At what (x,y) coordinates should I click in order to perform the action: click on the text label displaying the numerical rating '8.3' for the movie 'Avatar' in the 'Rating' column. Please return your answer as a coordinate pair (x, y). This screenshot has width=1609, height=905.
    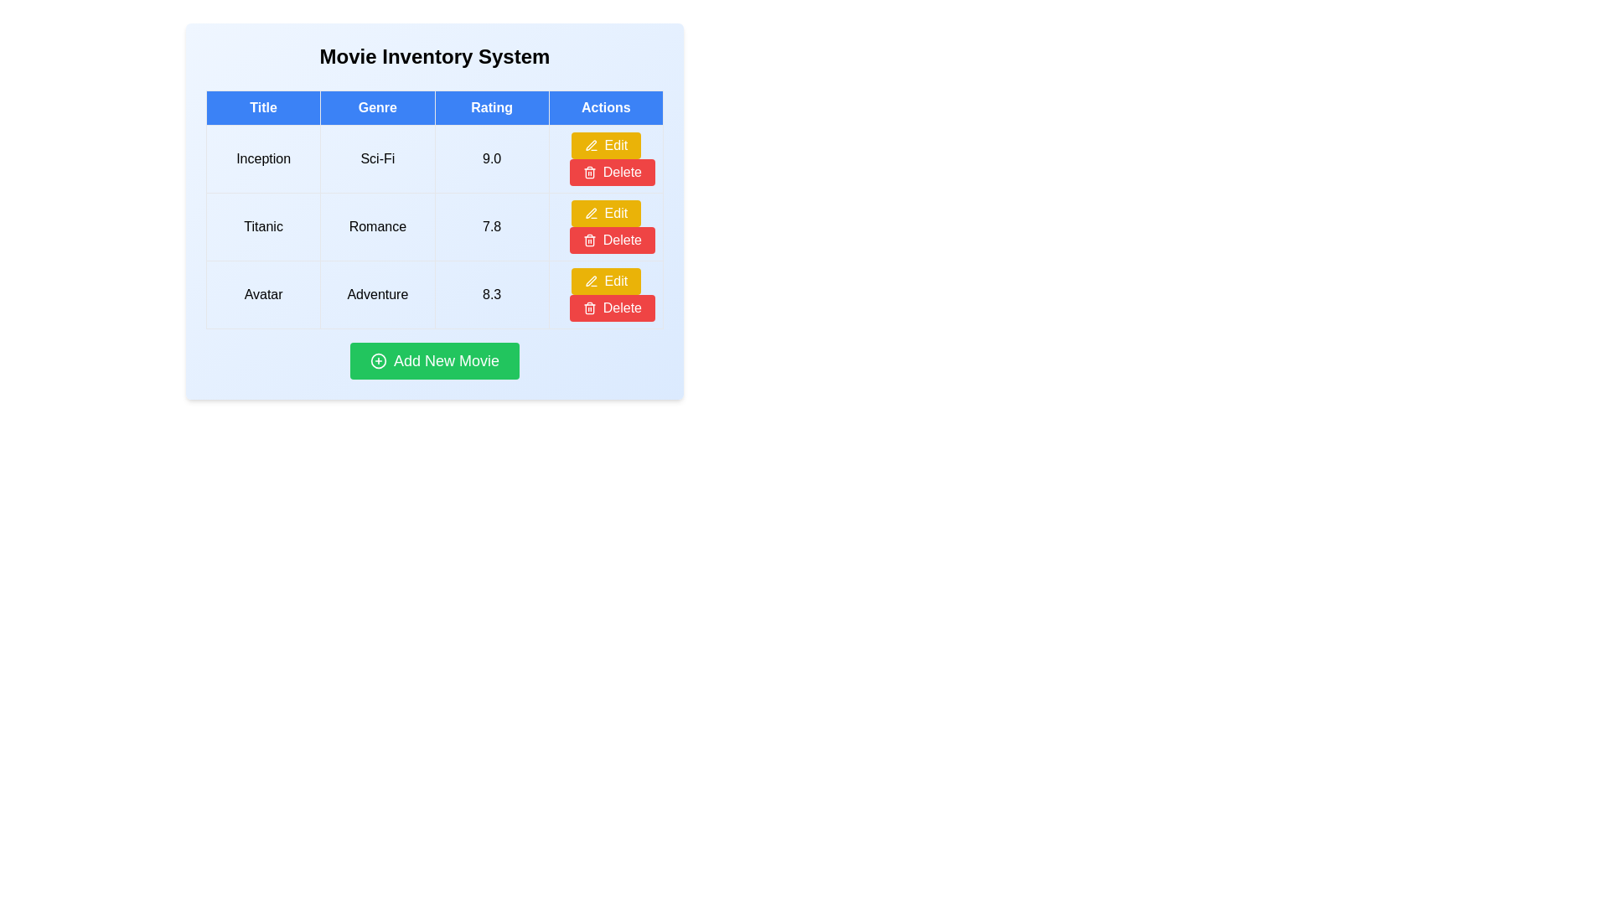
    Looking at the image, I should click on (491, 293).